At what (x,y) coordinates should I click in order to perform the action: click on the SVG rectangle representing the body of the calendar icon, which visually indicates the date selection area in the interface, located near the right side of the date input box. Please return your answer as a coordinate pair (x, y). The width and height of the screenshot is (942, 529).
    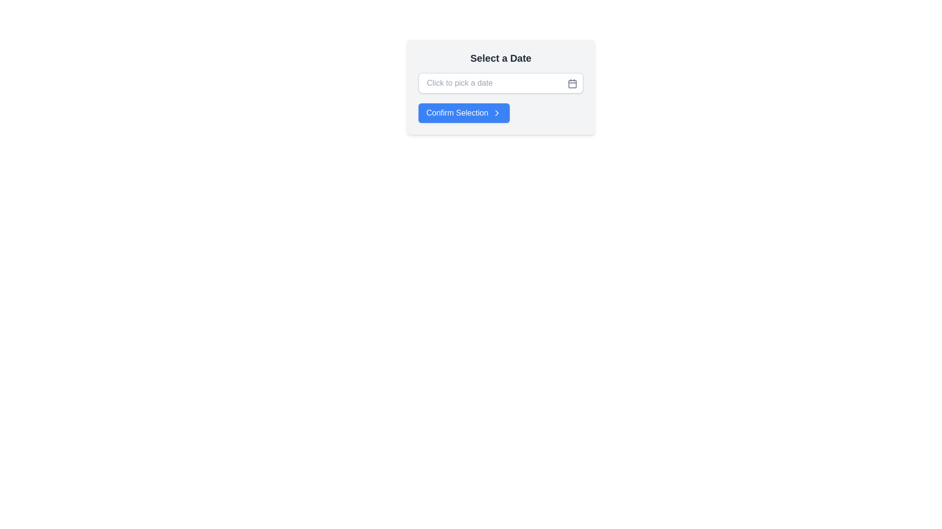
    Looking at the image, I should click on (572, 83).